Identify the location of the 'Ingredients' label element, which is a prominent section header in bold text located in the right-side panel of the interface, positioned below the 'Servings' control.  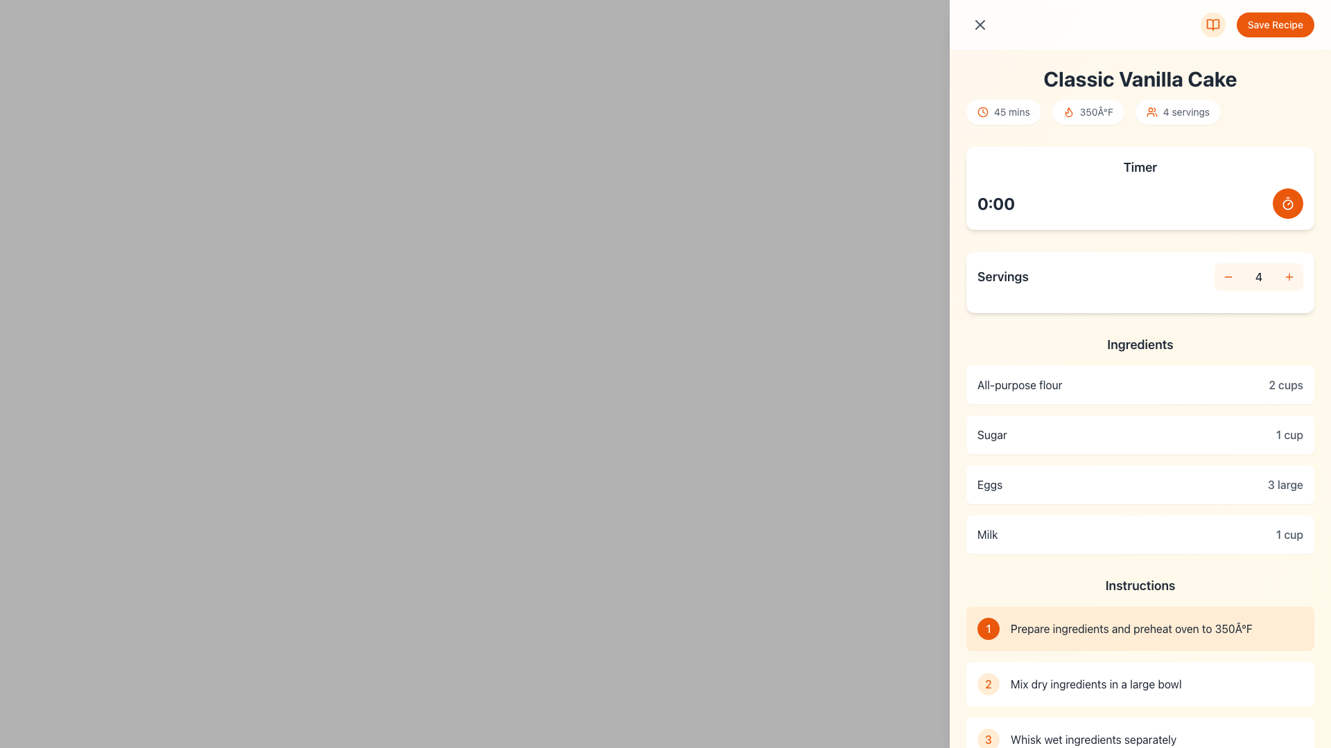
(1140, 344).